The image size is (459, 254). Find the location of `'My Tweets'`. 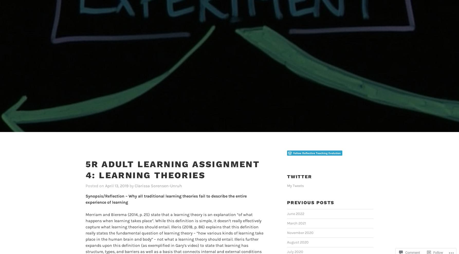

'My Tweets' is located at coordinates (295, 177).